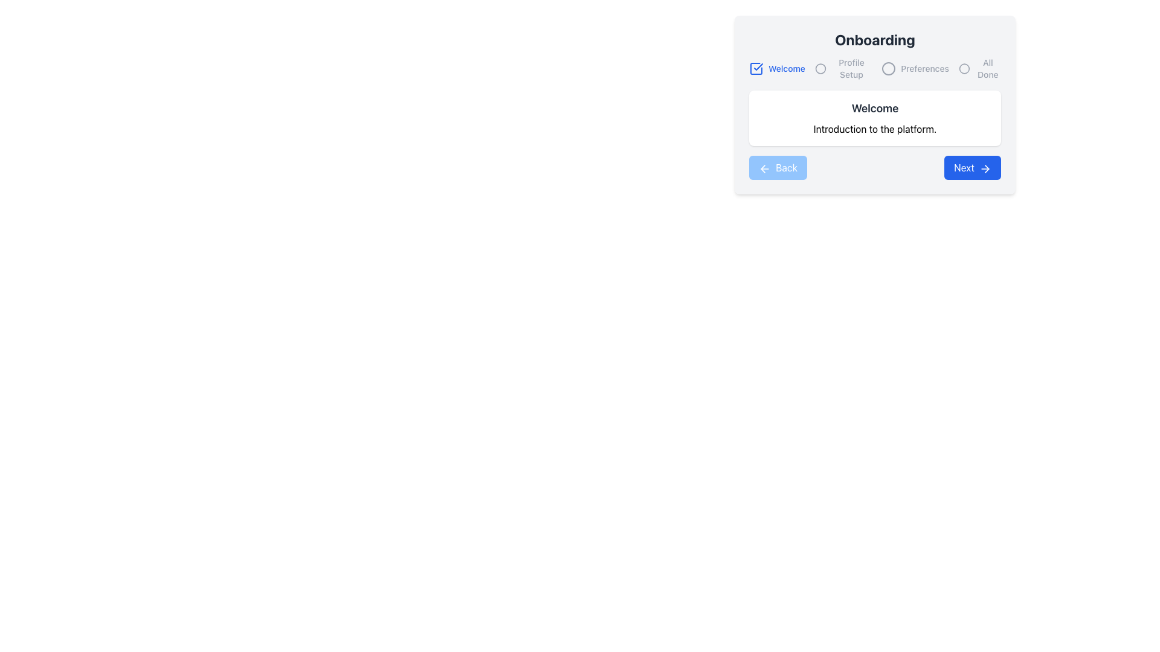  Describe the element at coordinates (889, 69) in the screenshot. I see `the step indicator icon for 'Preferences' in the onboarding navigation bar, which is located third from the left` at that location.